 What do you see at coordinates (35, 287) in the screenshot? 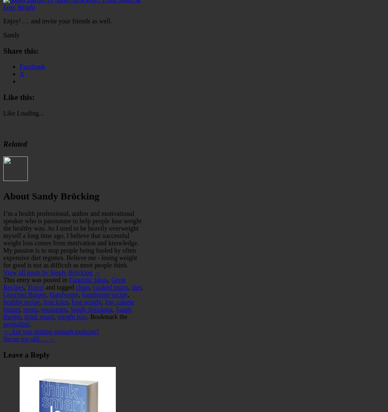
I see `'Travel'` at bounding box center [35, 287].